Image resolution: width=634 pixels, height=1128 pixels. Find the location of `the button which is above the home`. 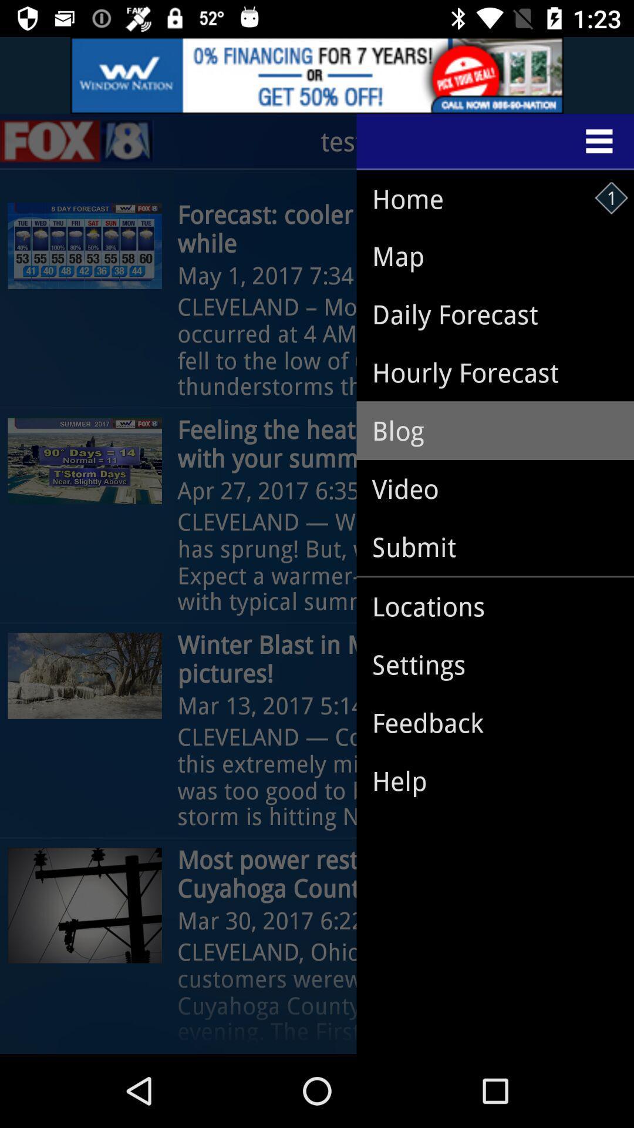

the button which is above the home is located at coordinates (495, 141).